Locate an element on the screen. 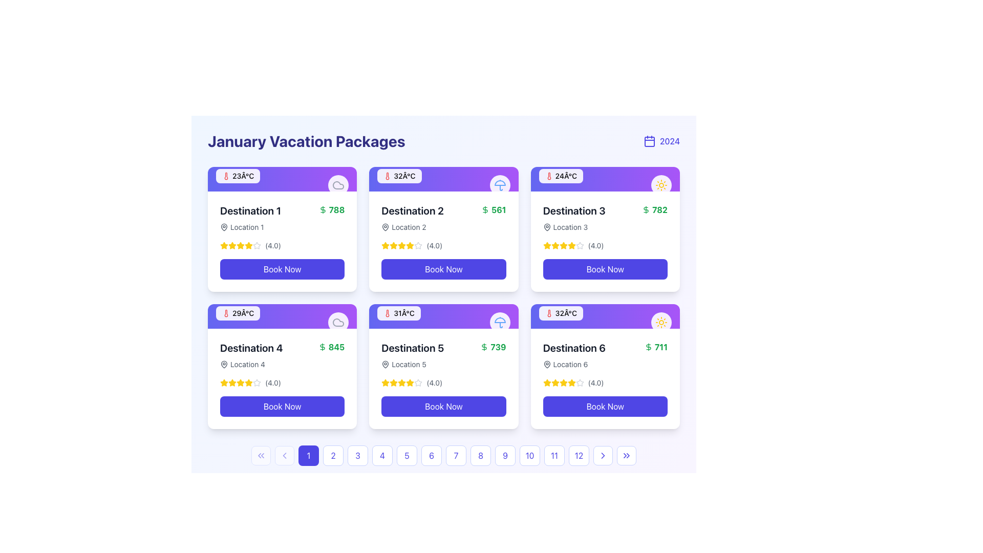  the first star icon in the rating section of the second destination card in the top row of the grid to interact with it is located at coordinates (385, 245).